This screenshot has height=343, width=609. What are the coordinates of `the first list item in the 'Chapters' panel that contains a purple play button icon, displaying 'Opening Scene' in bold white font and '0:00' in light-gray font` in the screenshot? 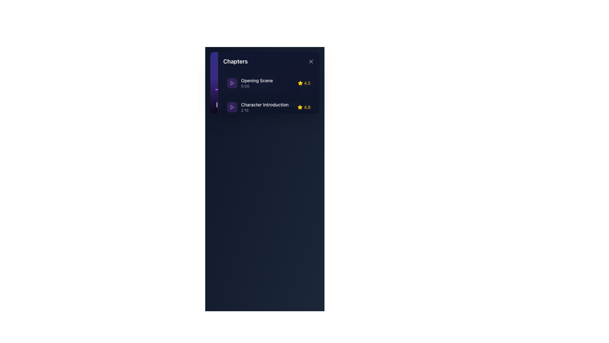 It's located at (250, 83).